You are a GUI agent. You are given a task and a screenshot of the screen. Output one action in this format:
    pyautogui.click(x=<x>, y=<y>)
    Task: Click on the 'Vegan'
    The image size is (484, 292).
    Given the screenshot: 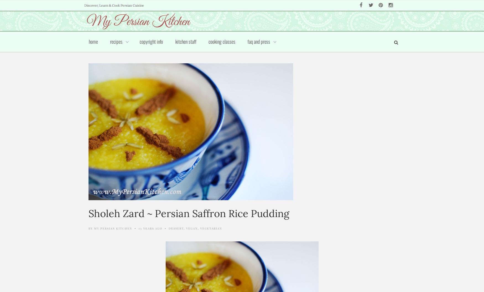 What is the action you would take?
    pyautogui.click(x=192, y=228)
    